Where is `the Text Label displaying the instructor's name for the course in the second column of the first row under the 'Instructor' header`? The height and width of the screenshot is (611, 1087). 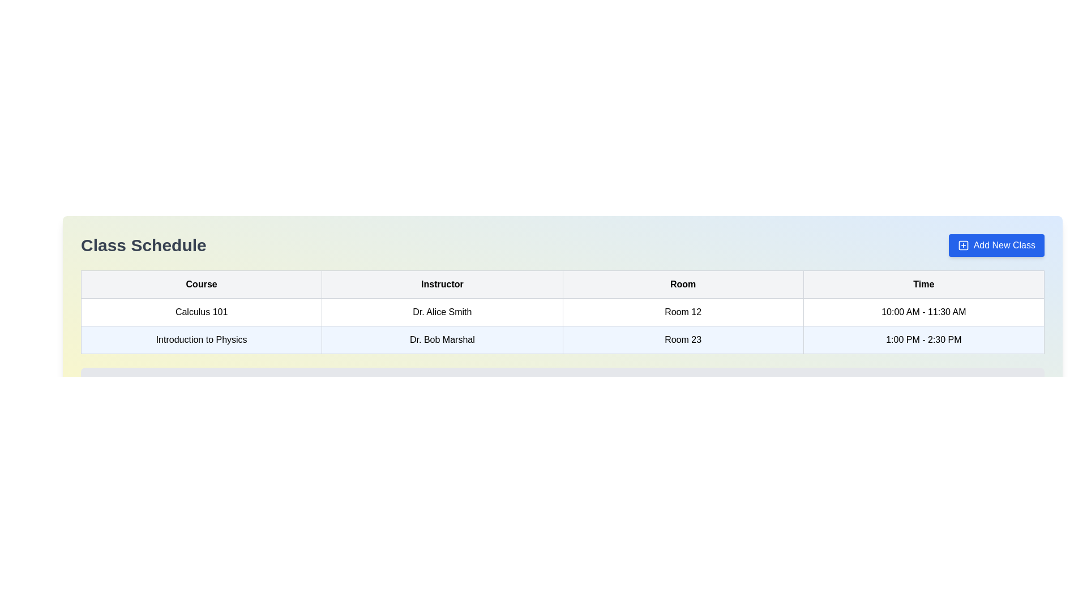 the Text Label displaying the instructor's name for the course in the second column of the first row under the 'Instructor' header is located at coordinates (442, 312).